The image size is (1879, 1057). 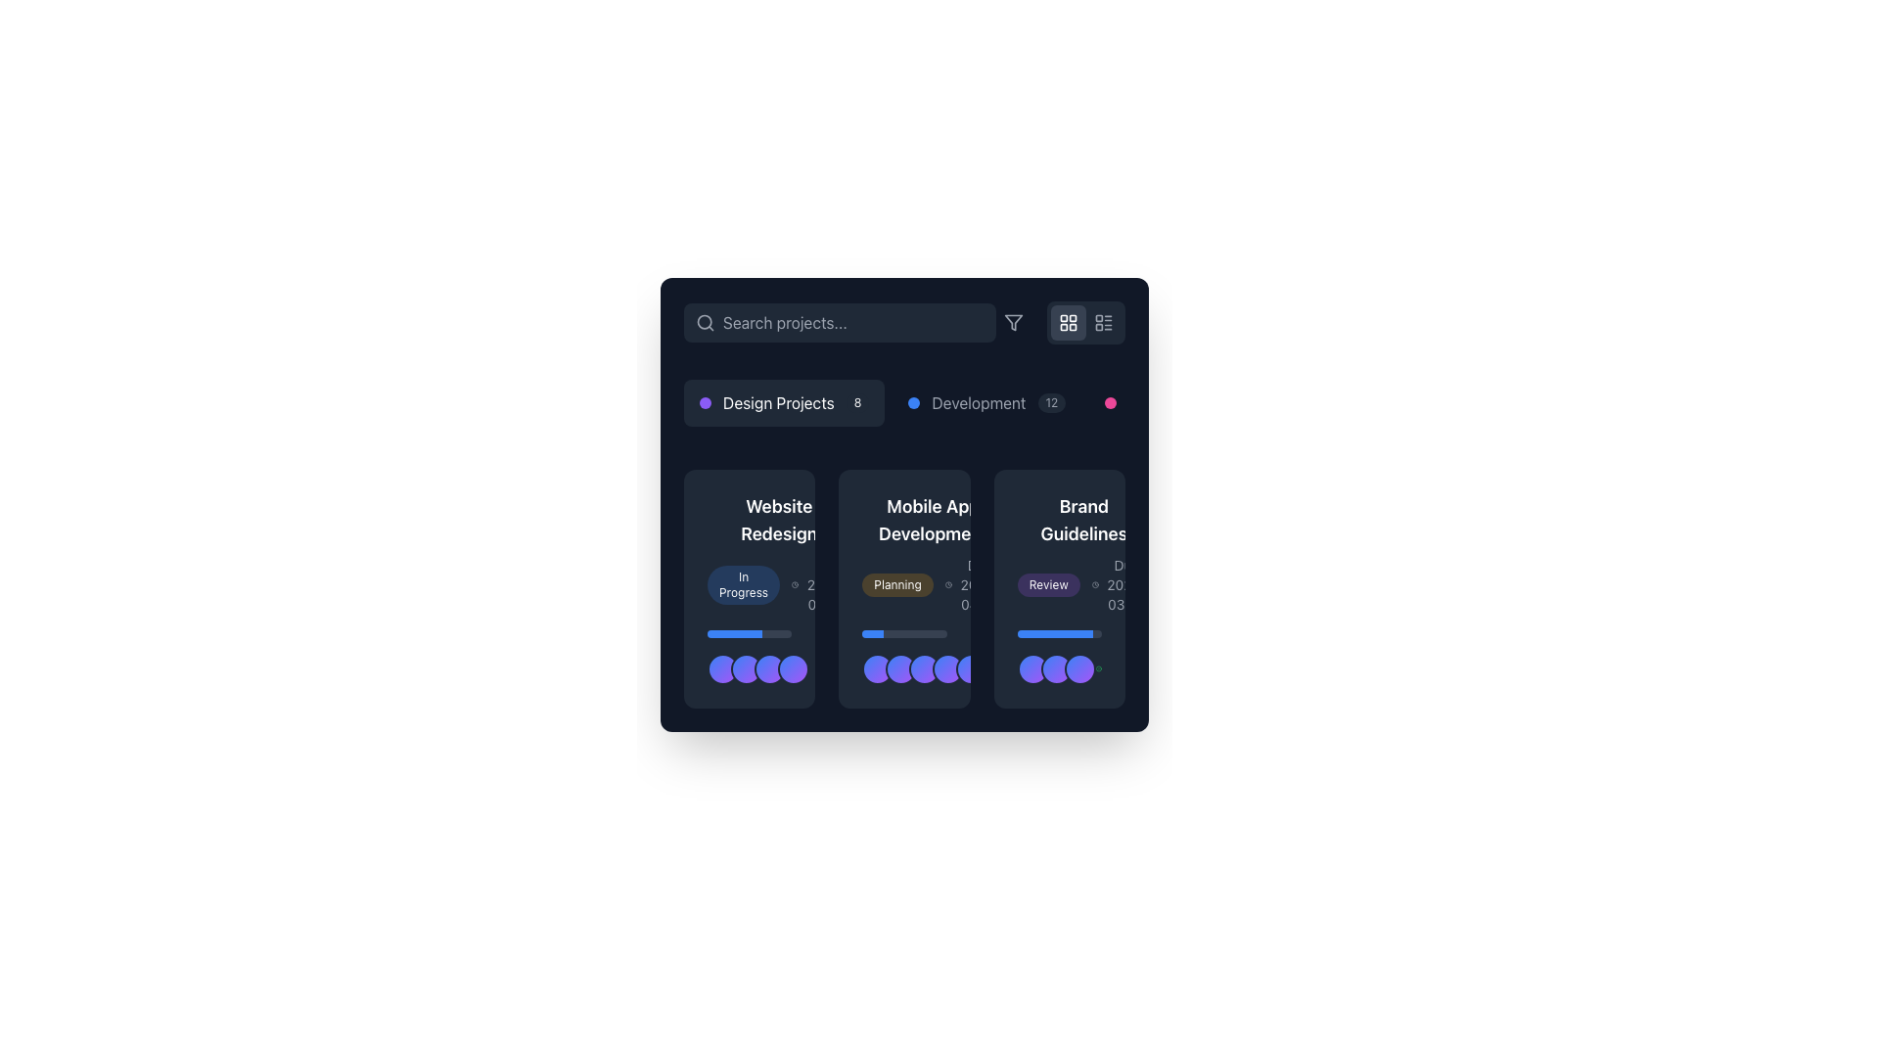 What do you see at coordinates (932, 520) in the screenshot?
I see `the text label displaying 'Mobile App Development' in bold white font, which is located at the top of a card layout` at bounding box center [932, 520].